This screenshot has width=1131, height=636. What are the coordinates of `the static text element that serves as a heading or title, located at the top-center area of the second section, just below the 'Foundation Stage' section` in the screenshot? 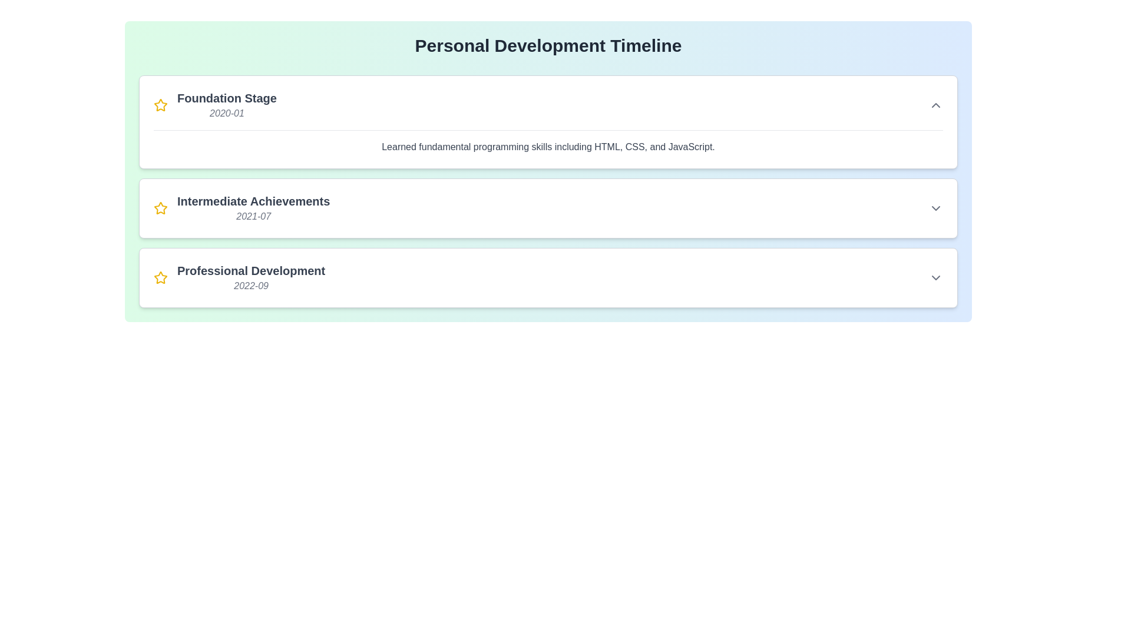 It's located at (253, 201).